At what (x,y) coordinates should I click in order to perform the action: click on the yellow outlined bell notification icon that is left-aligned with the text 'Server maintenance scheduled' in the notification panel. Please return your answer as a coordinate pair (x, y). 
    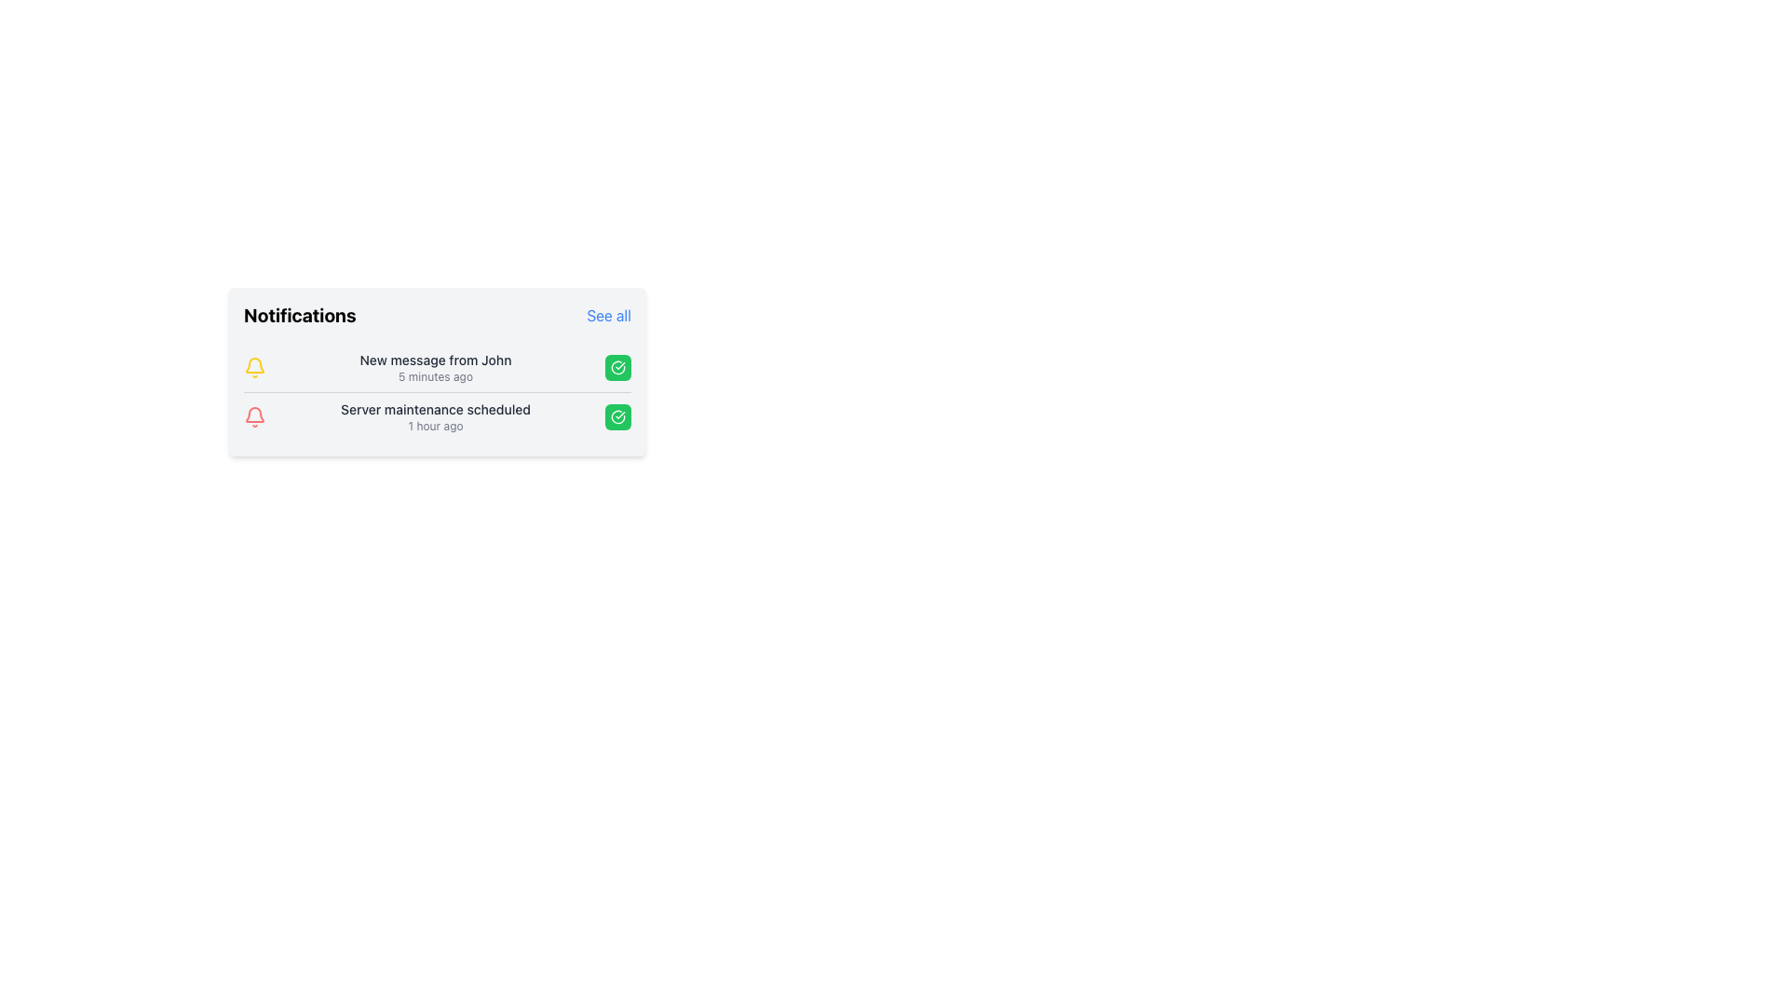
    Looking at the image, I should click on (253, 365).